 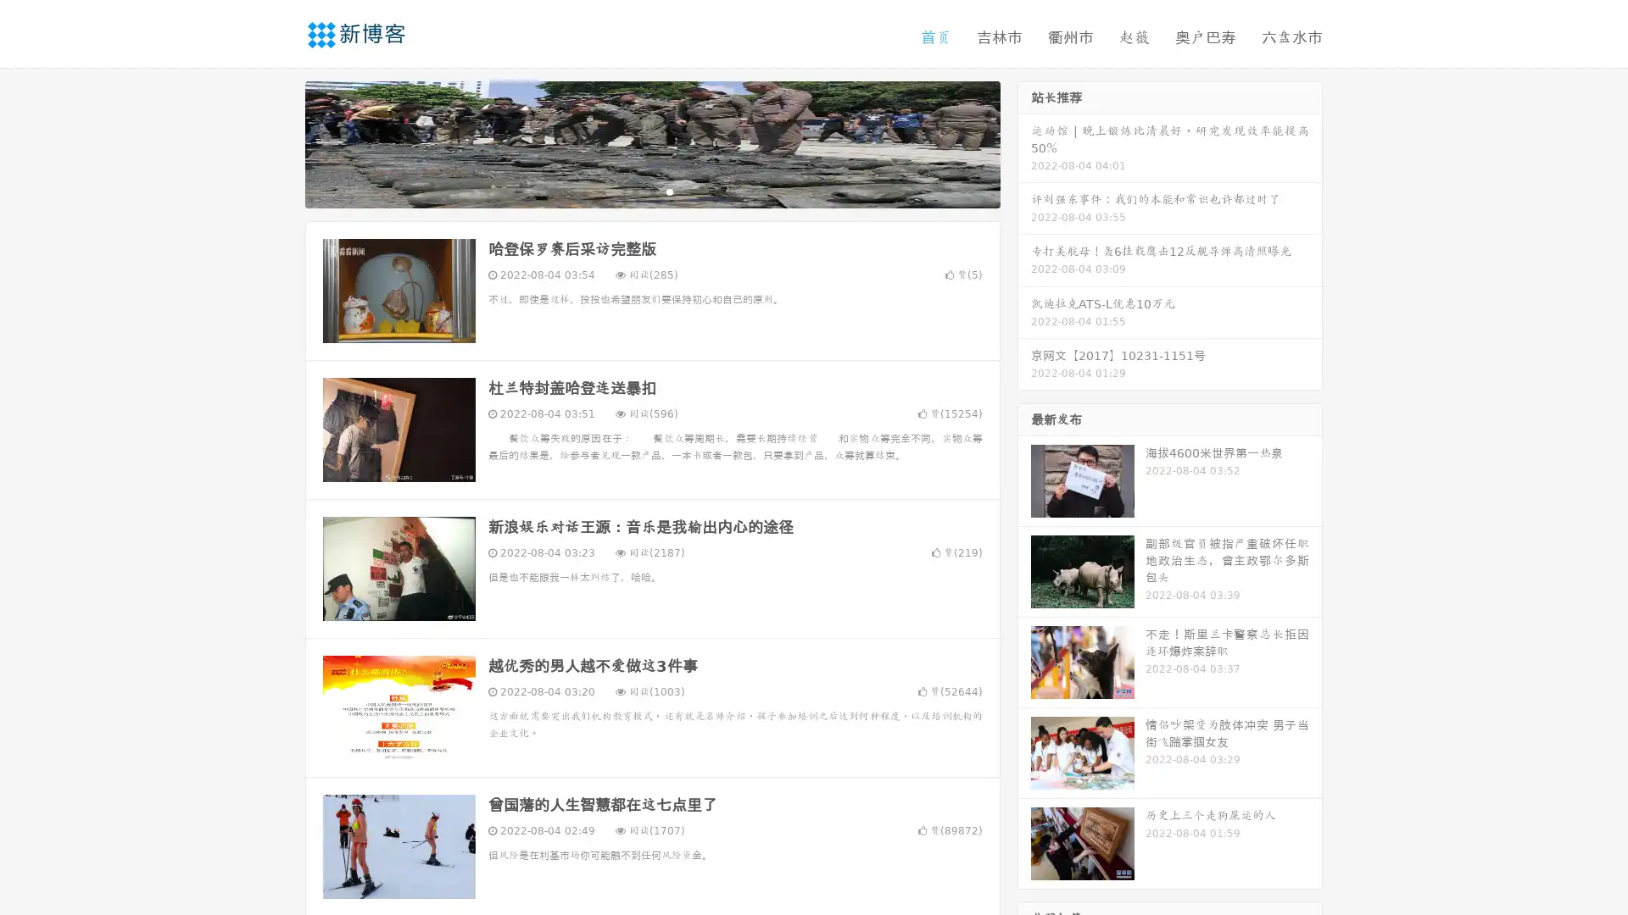 What do you see at coordinates (280, 142) in the screenshot?
I see `Previous slide` at bounding box center [280, 142].